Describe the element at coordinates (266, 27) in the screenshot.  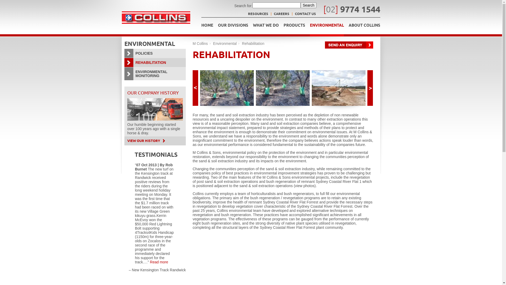
I see `'WHAT WE DO'` at that location.